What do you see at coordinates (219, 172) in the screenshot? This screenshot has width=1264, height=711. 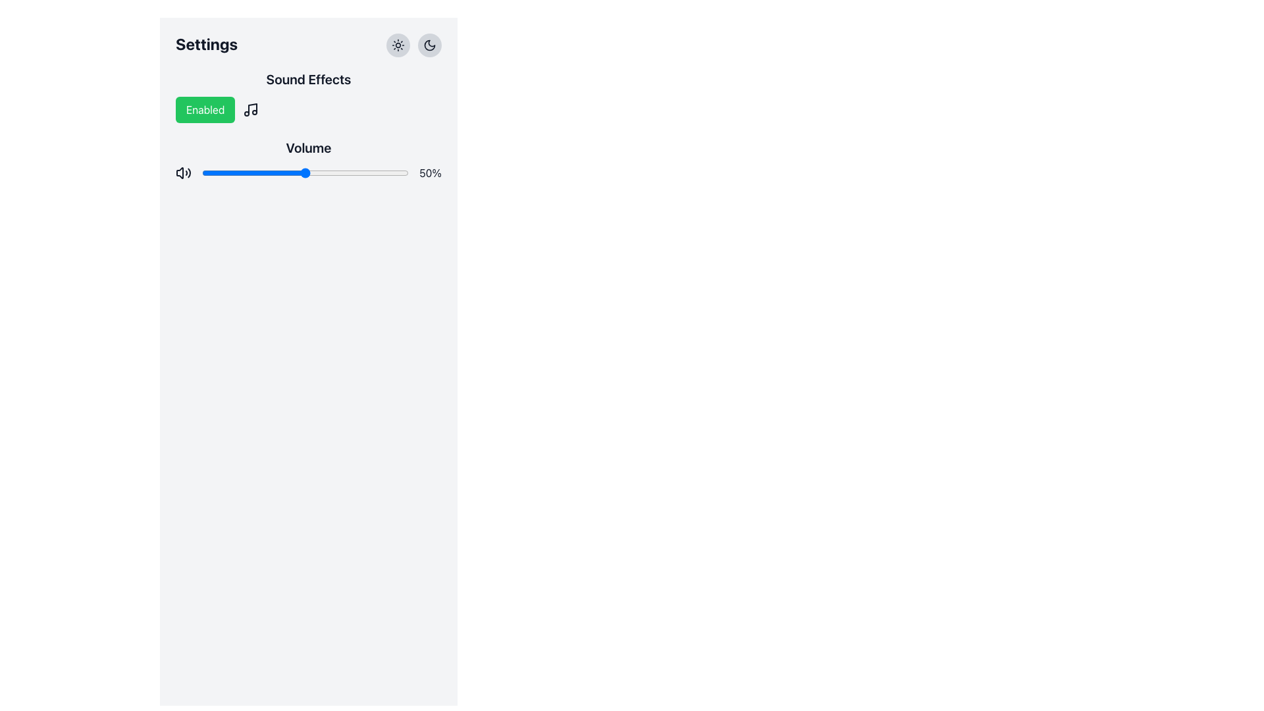 I see `the volume` at bounding box center [219, 172].